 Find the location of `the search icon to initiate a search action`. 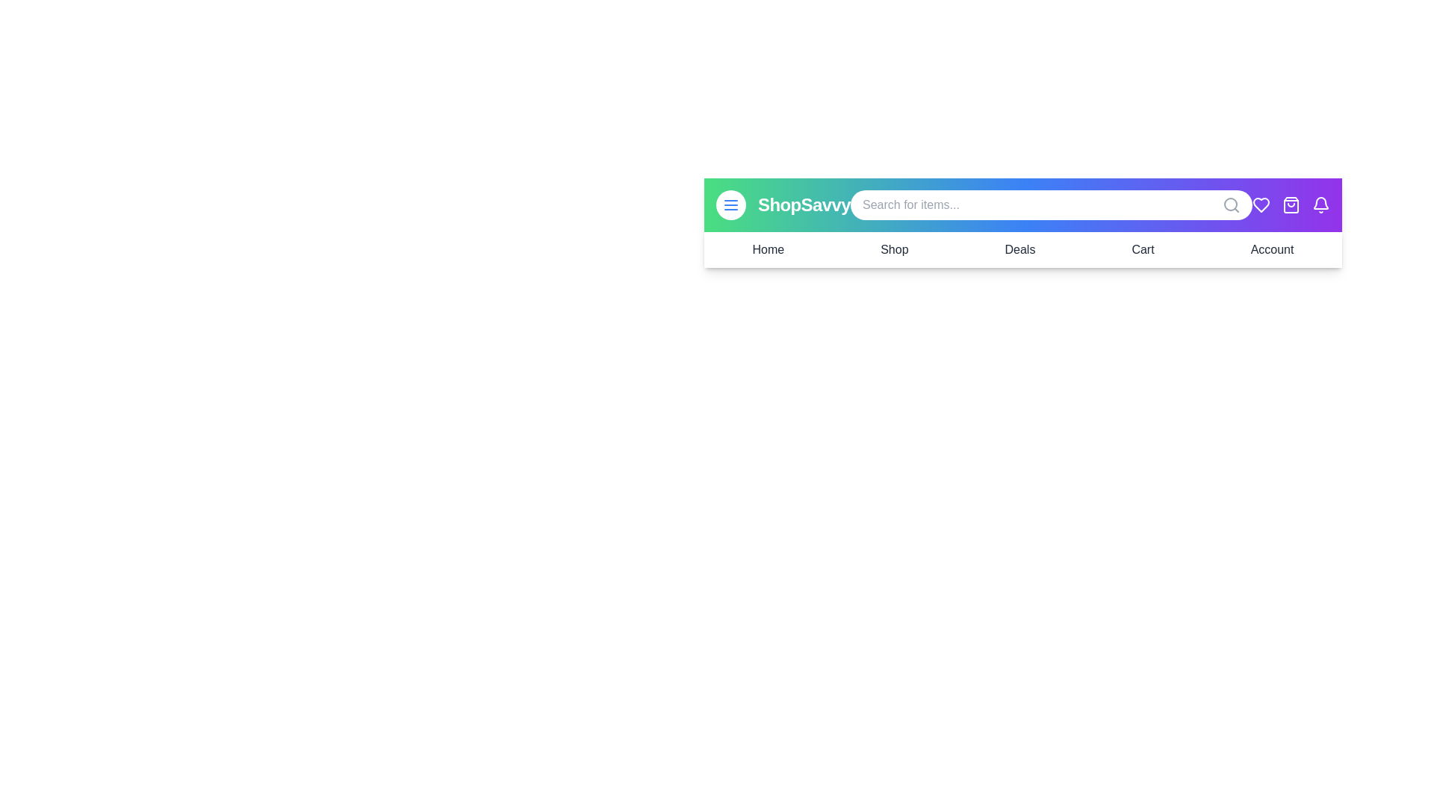

the search icon to initiate a search action is located at coordinates (1232, 204).